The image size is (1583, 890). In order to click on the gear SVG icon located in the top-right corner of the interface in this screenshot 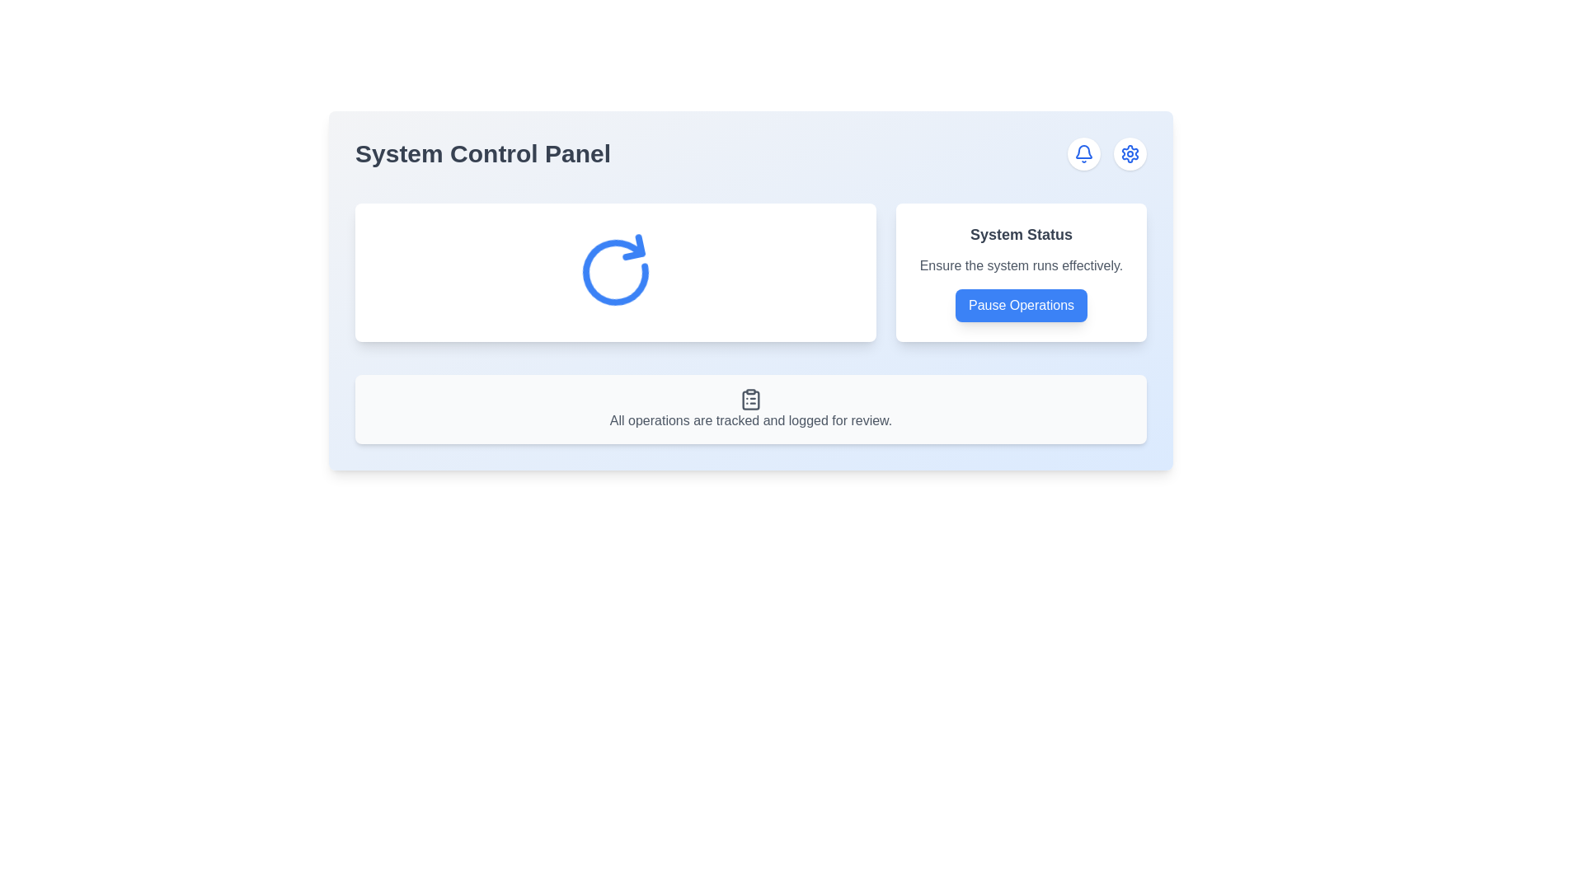, I will do `click(1130, 153)`.